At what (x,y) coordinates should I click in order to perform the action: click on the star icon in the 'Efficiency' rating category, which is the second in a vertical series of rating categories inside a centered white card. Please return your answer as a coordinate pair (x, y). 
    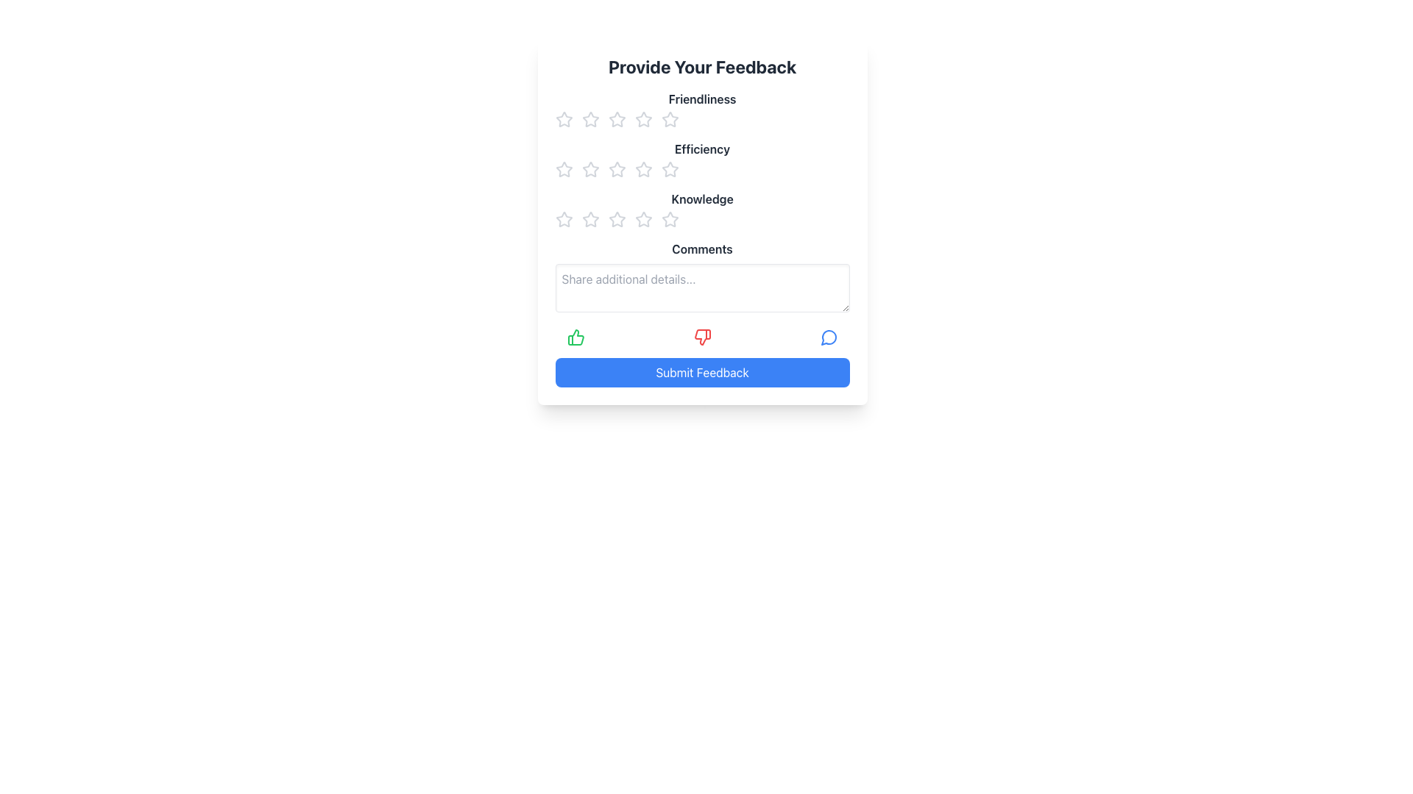
    Looking at the image, I should click on (701, 159).